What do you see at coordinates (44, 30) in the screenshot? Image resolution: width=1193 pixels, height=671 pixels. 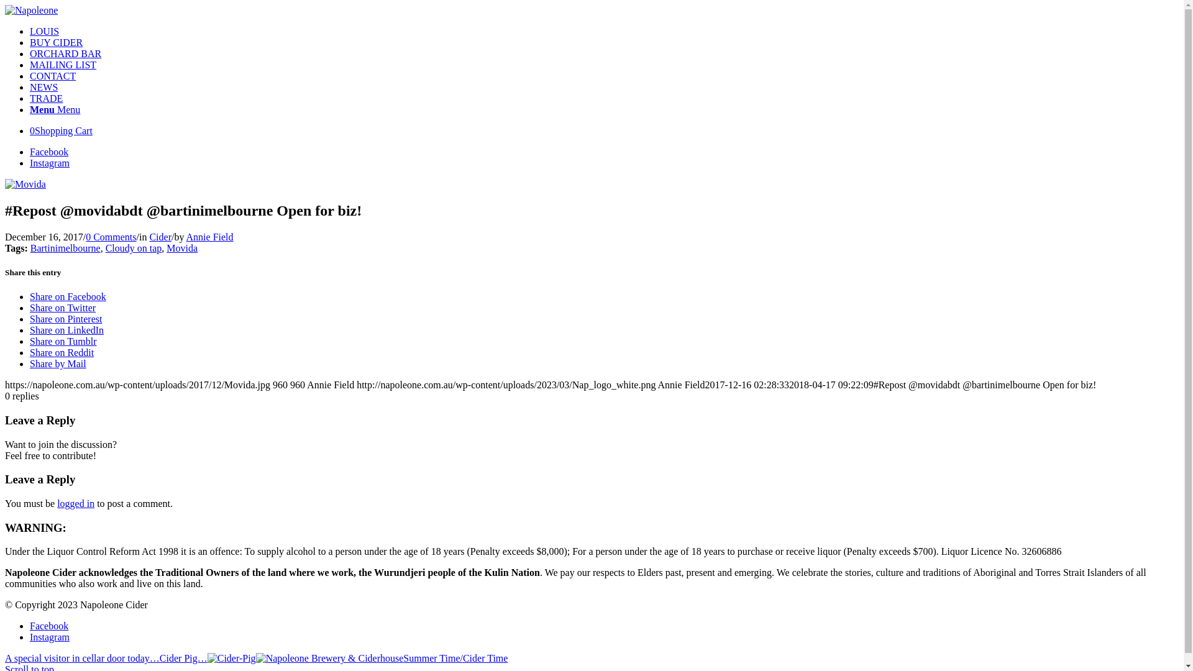 I see `'LOUIS'` at bounding box center [44, 30].